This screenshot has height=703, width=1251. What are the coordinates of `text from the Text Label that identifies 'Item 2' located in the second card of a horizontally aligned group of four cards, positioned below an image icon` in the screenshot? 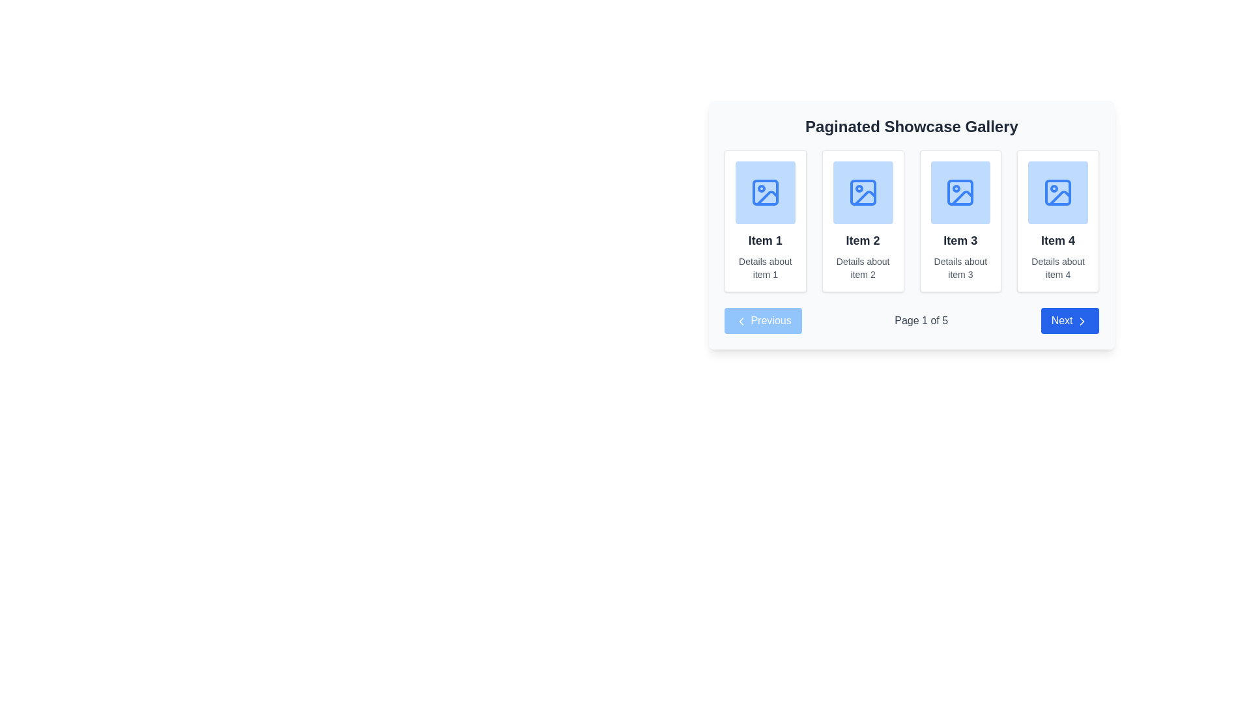 It's located at (863, 241).